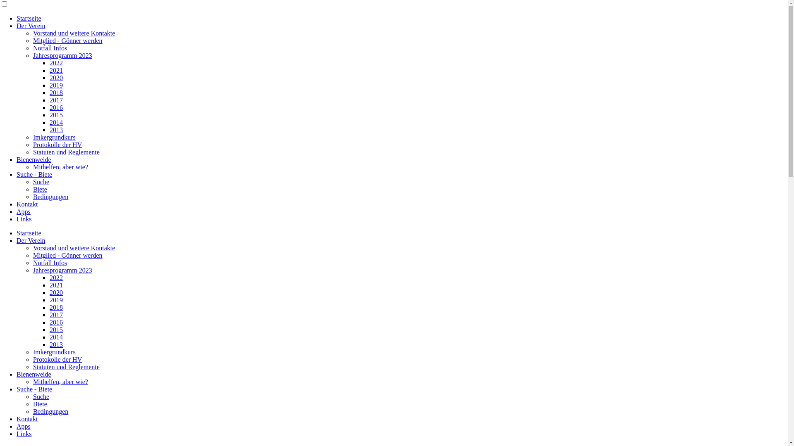  I want to click on '2017', so click(55, 315).